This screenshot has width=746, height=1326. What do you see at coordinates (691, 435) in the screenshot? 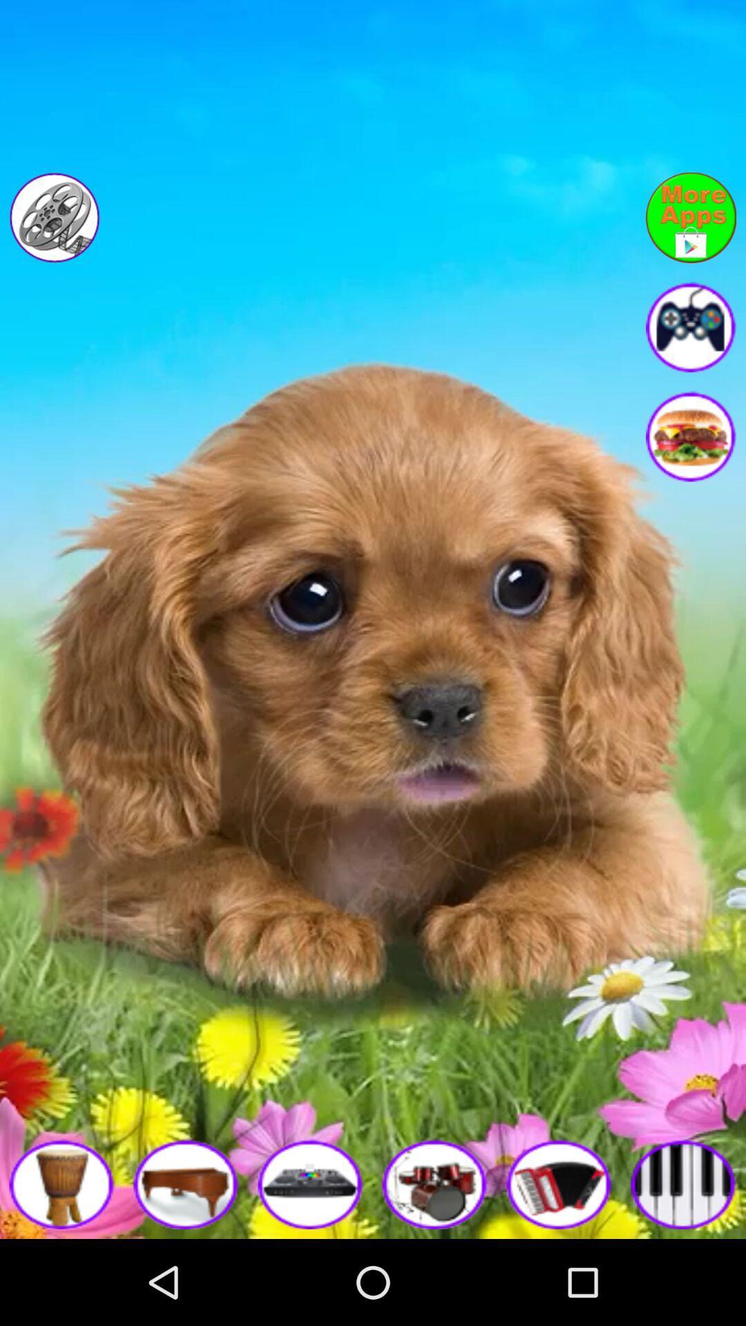
I see `feed the dog` at bounding box center [691, 435].